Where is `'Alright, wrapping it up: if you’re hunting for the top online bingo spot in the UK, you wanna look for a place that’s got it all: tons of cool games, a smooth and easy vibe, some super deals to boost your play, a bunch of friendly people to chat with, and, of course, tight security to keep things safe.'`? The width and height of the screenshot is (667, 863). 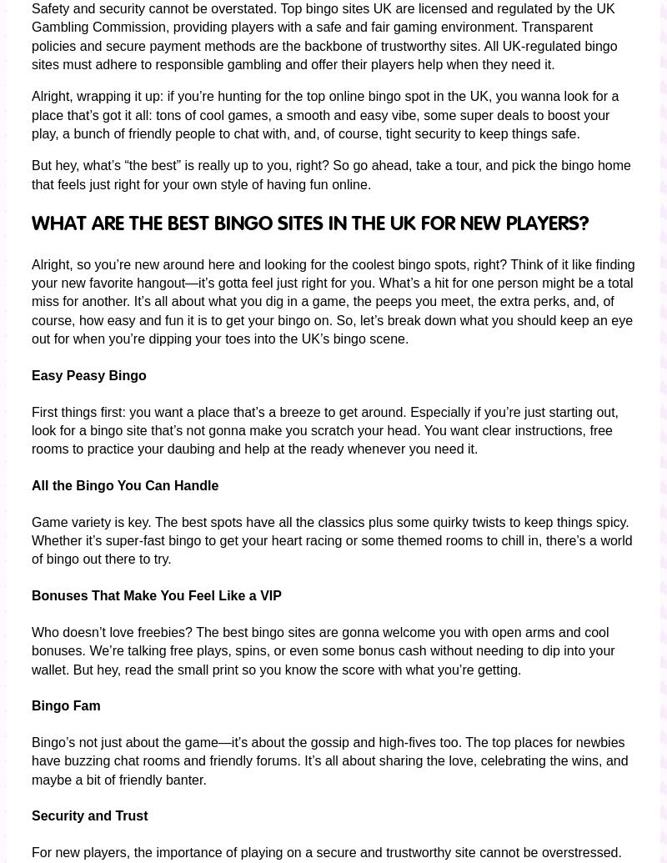 'Alright, wrapping it up: if you’re hunting for the top online bingo spot in the UK, you wanna look for a place that’s got it all: tons of cool games, a smooth and easy vibe, some super deals to boost your play, a bunch of friendly people to chat with, and, of course, tight security to keep things safe.' is located at coordinates (324, 114).